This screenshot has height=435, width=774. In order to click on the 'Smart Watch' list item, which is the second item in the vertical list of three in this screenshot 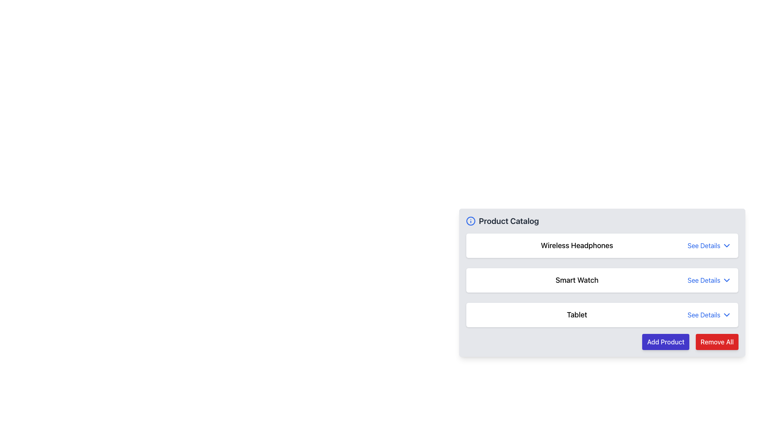, I will do `click(602, 280)`.